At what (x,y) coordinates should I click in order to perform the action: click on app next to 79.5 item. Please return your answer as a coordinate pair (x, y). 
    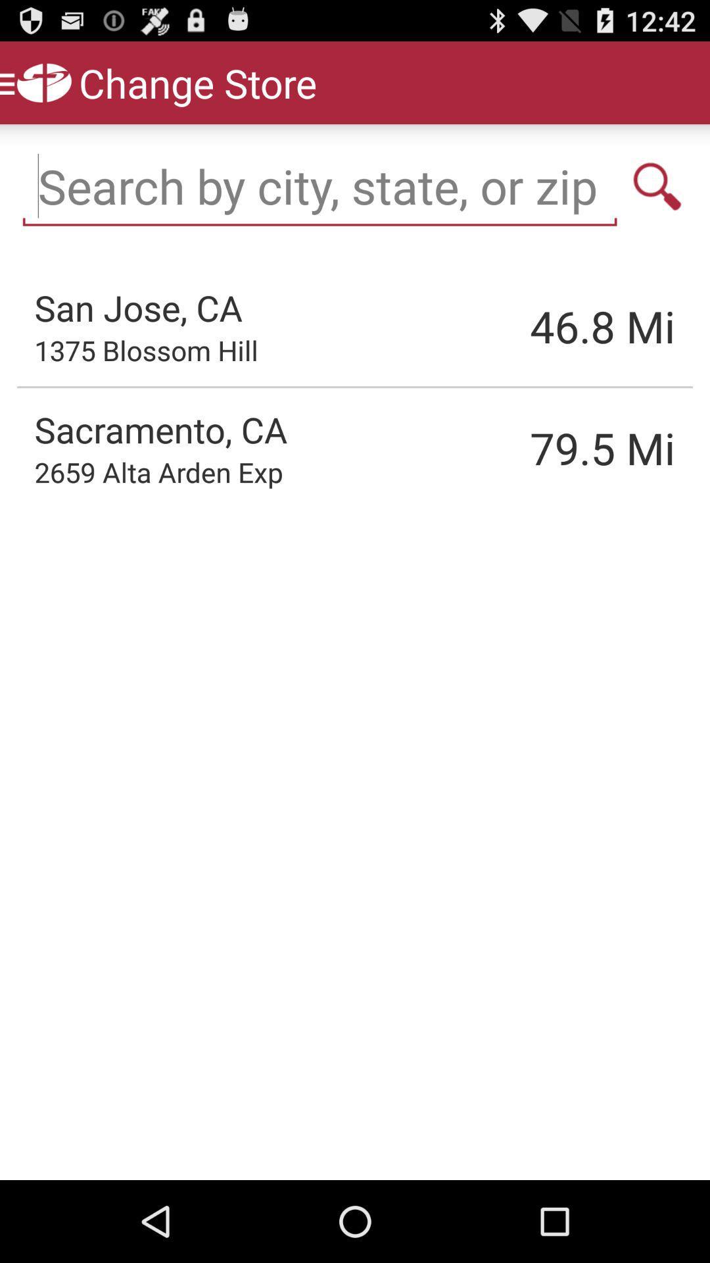
    Looking at the image, I should click on (158, 472).